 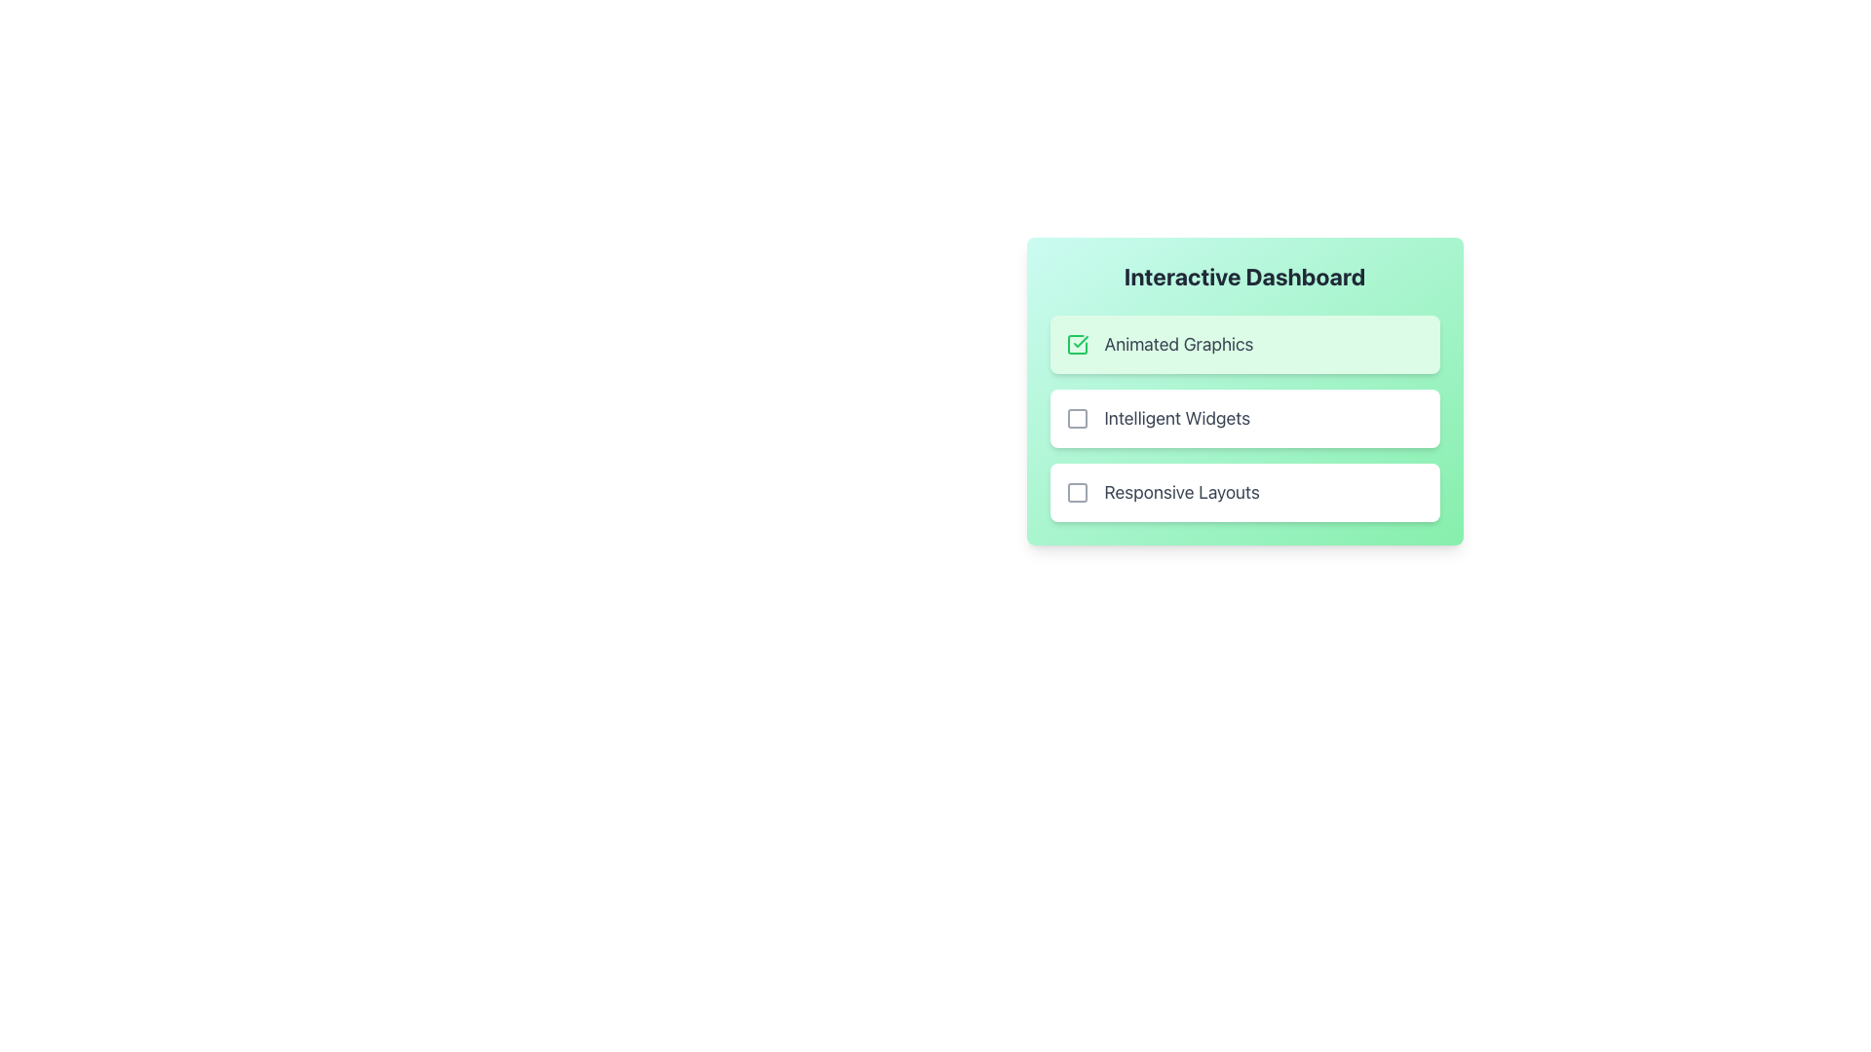 What do you see at coordinates (1076, 344) in the screenshot?
I see `the Checkbox icon, which is a green checkmark within a square, the first selectable item in the list preceding the text 'Animated Graphics'` at bounding box center [1076, 344].